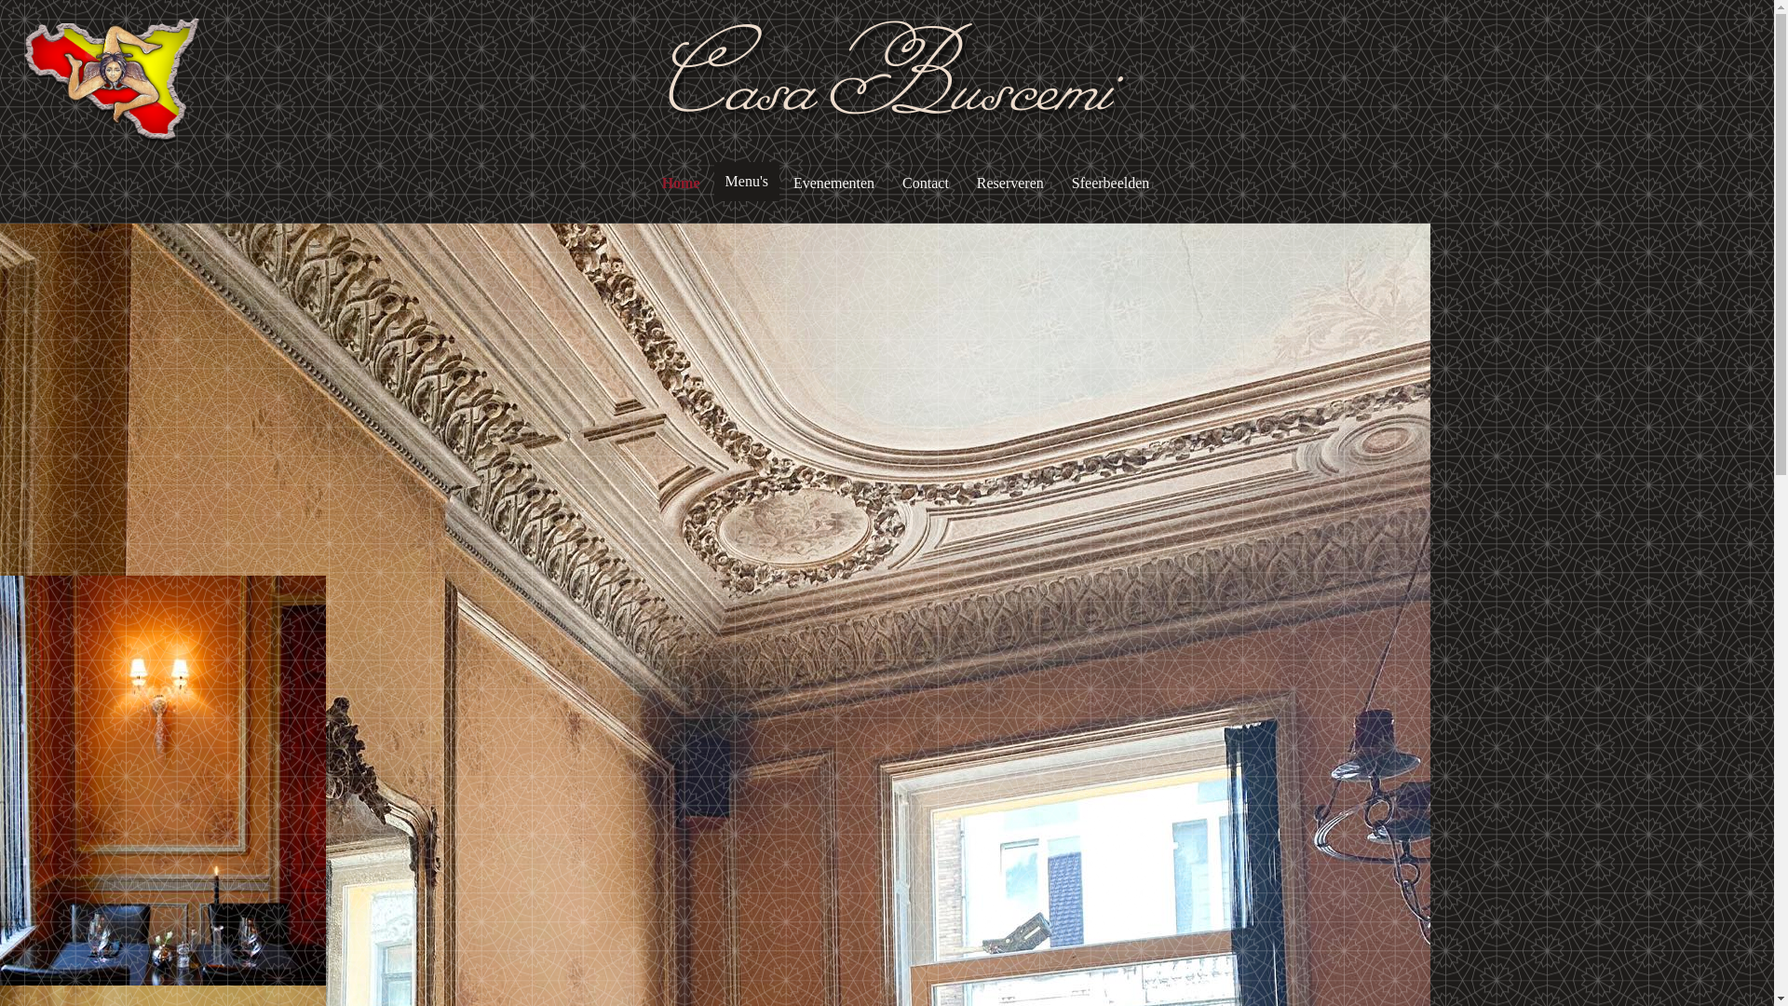 The image size is (1788, 1006). Describe the element at coordinates (680, 183) in the screenshot. I see `'Home'` at that location.